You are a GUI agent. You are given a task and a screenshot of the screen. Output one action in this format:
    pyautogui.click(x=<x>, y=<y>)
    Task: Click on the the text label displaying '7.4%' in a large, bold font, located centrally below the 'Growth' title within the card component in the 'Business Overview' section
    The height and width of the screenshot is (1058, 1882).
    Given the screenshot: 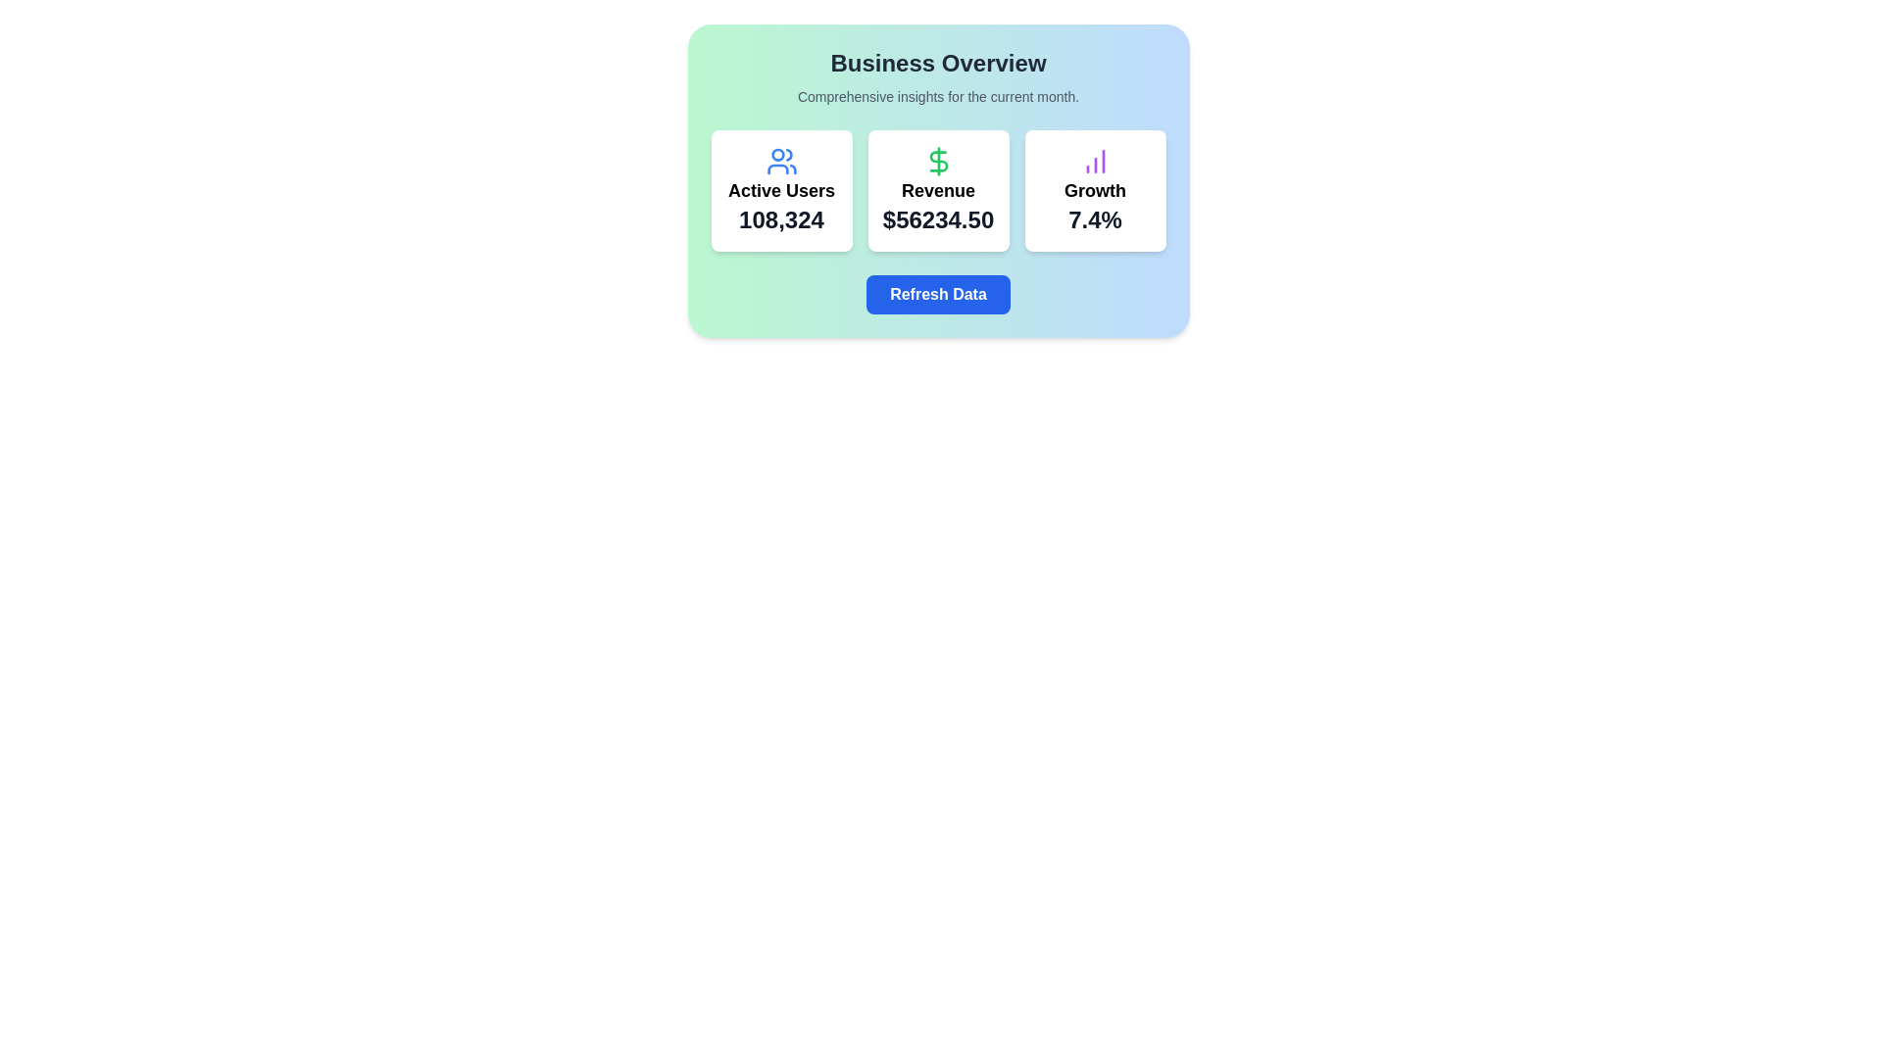 What is the action you would take?
    pyautogui.click(x=1094, y=219)
    